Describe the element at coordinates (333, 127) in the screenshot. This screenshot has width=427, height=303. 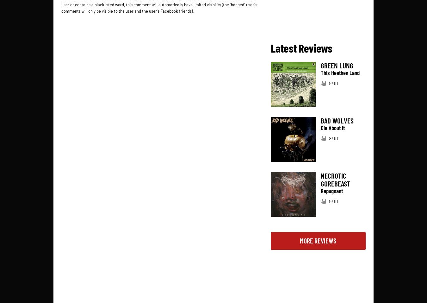
I see `'Die About It'` at that location.